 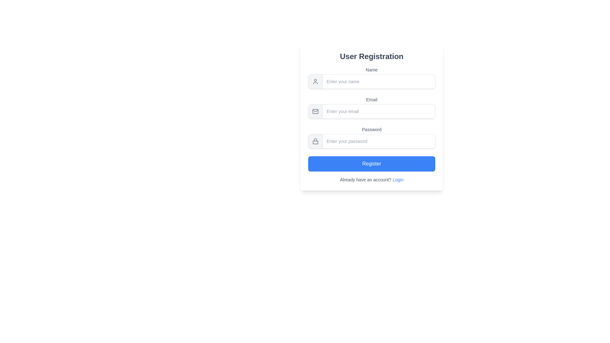 What do you see at coordinates (315, 110) in the screenshot?
I see `the email icon, which is a stylized graphic of an envelope with an open top, located to the left of the email input field` at bounding box center [315, 110].